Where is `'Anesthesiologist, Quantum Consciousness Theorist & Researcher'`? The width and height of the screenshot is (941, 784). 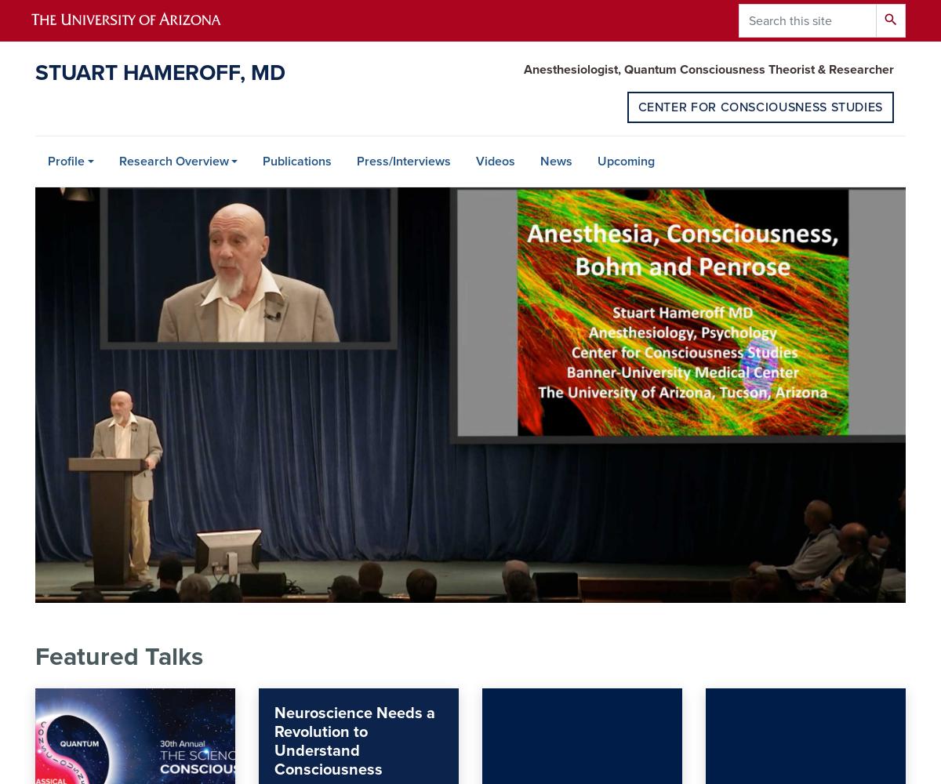 'Anesthesiologist, Quantum Consciousness Theorist & Researcher' is located at coordinates (522, 69).